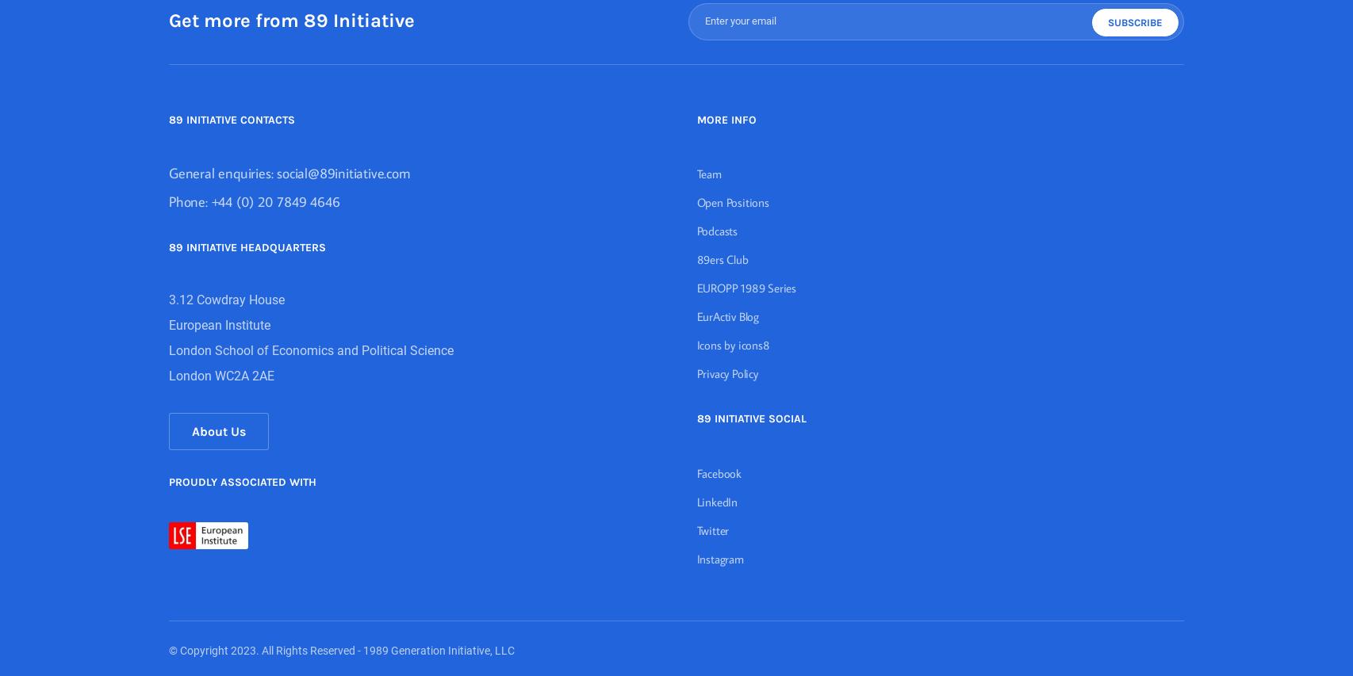  Describe the element at coordinates (169, 324) in the screenshot. I see `'European Institute'` at that location.